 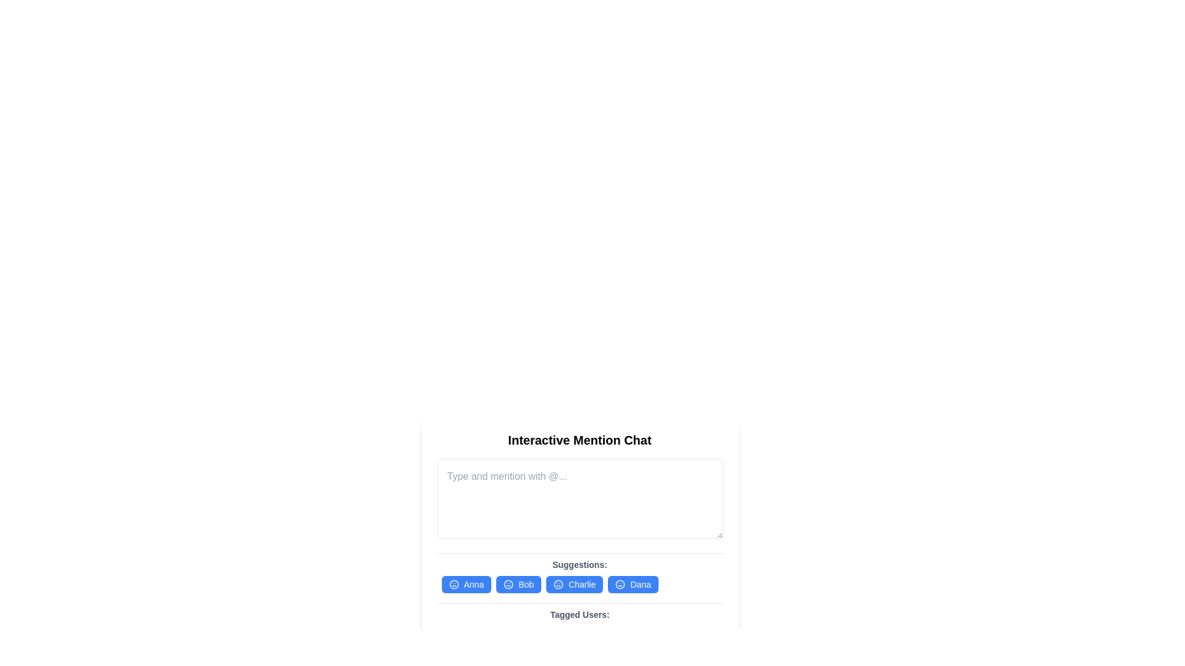 What do you see at coordinates (620, 584) in the screenshot?
I see `the largest circular shape in the smiley face SVG, which serves as the primary background of the icon` at bounding box center [620, 584].